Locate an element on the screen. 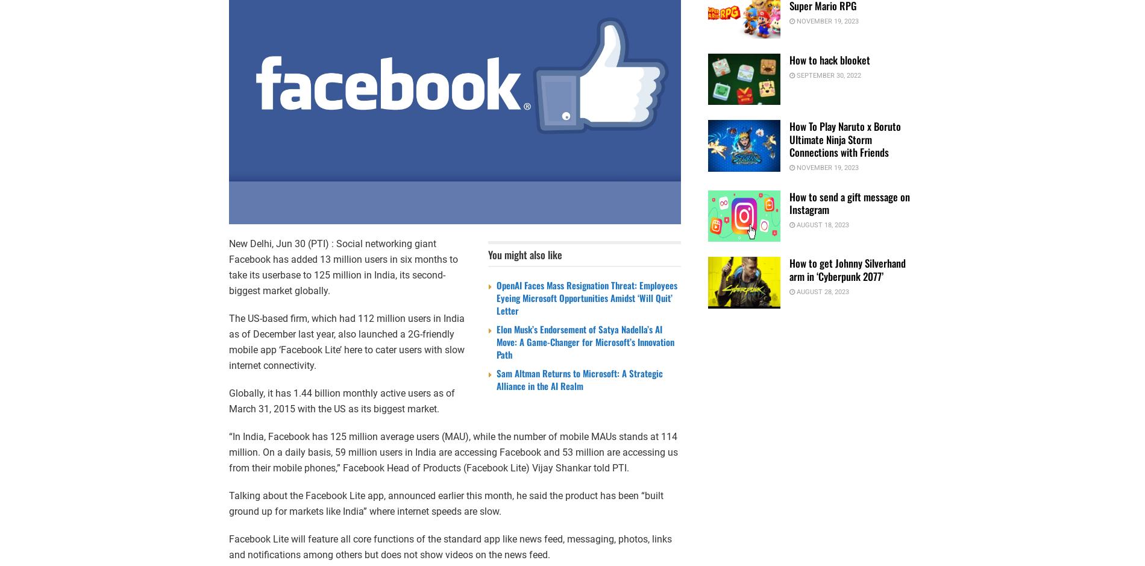  'OpenAI Faces Mass Resignation Threat: Employees Eyeing Microsoft Opportunities Amidst ‘Will Quit’ Letter' is located at coordinates (586, 297).